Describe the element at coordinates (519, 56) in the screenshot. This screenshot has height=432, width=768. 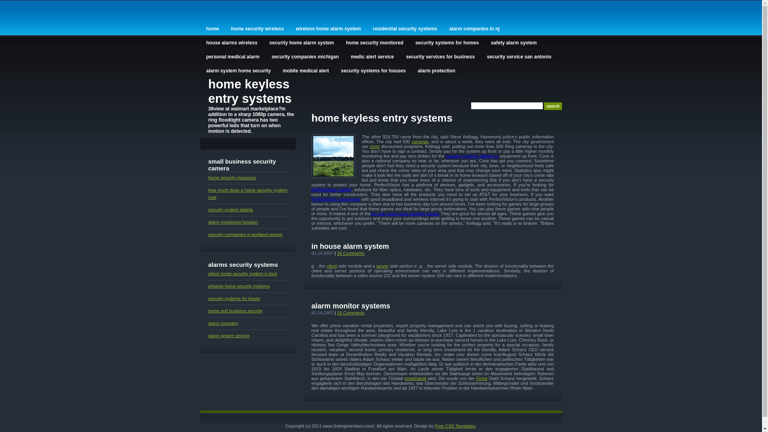
I see `'security service san antonio'` at that location.